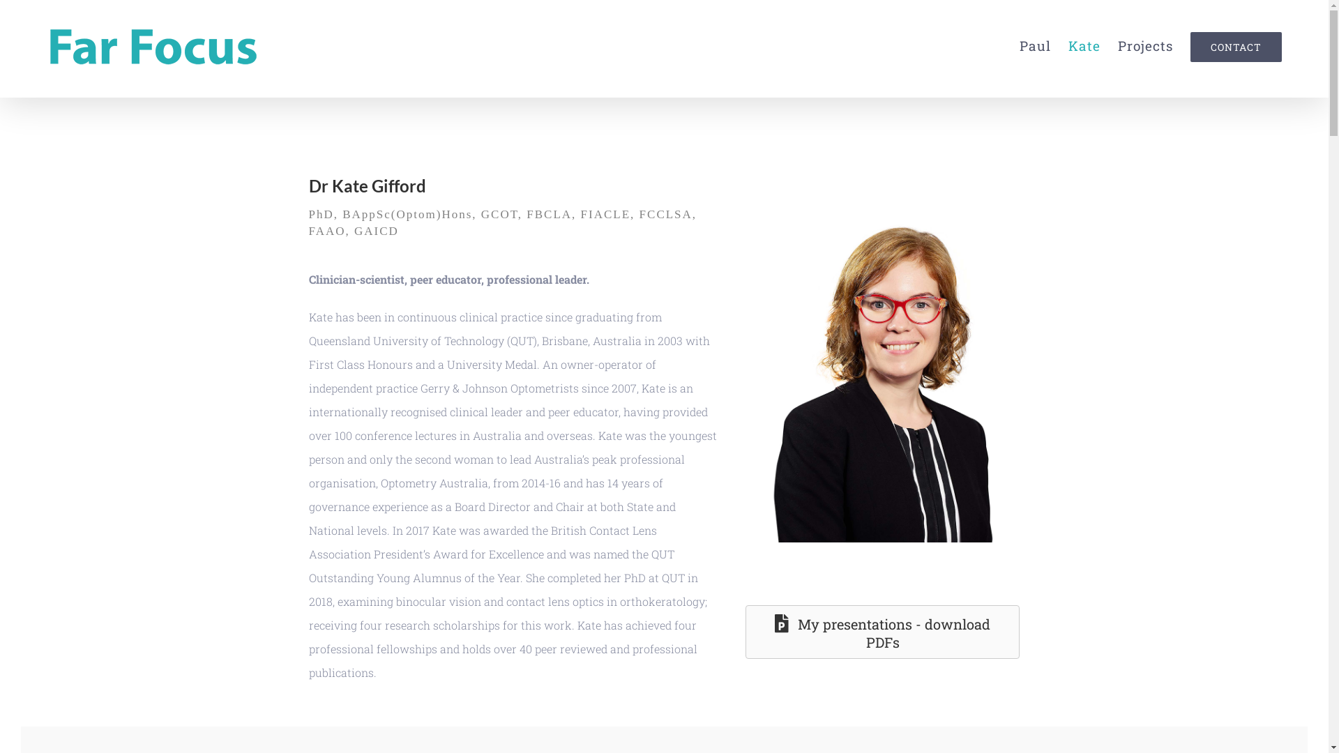 This screenshot has width=1339, height=753. I want to click on 'CONTACT', so click(1236, 45).